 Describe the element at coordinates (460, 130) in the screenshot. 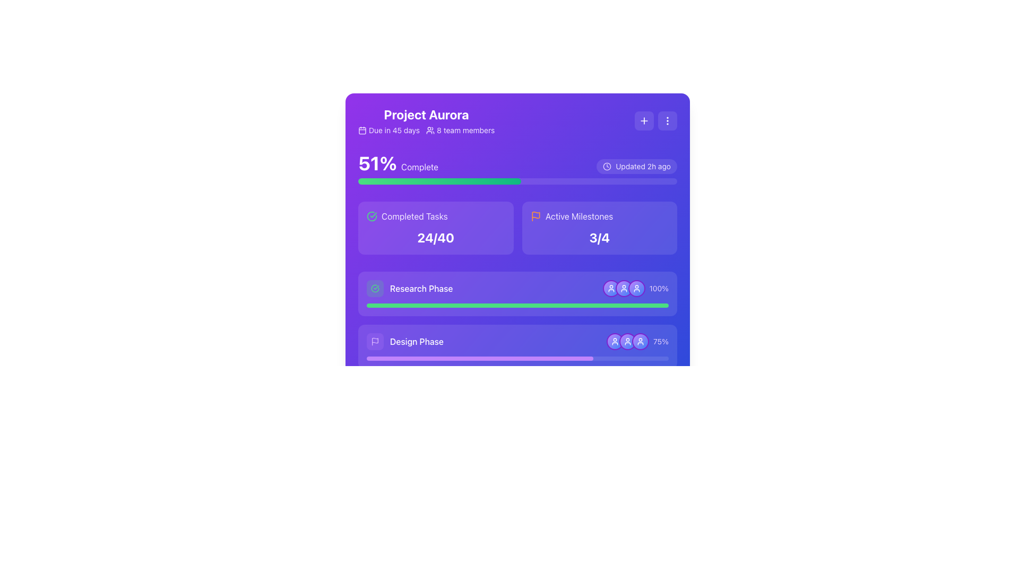

I see `the text label displaying the number of team members associated with the project, located in the top row of the user interface under the main project title` at that location.